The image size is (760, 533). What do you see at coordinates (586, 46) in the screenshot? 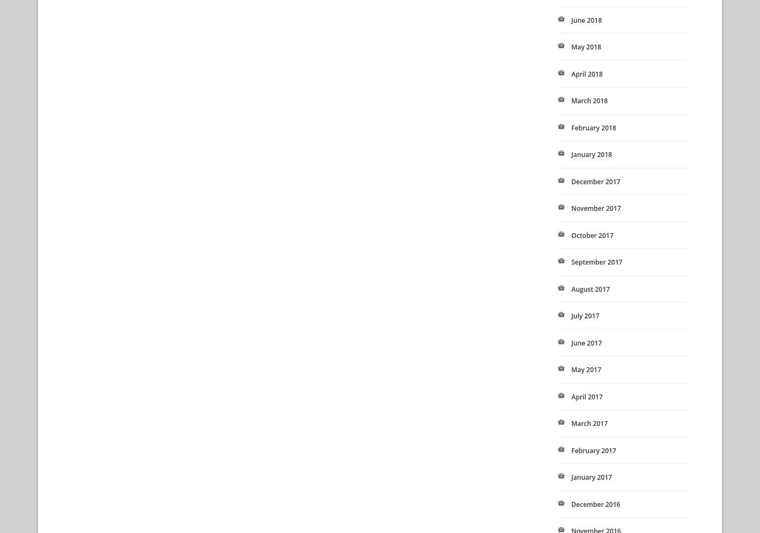
I see `'May 2018'` at bounding box center [586, 46].